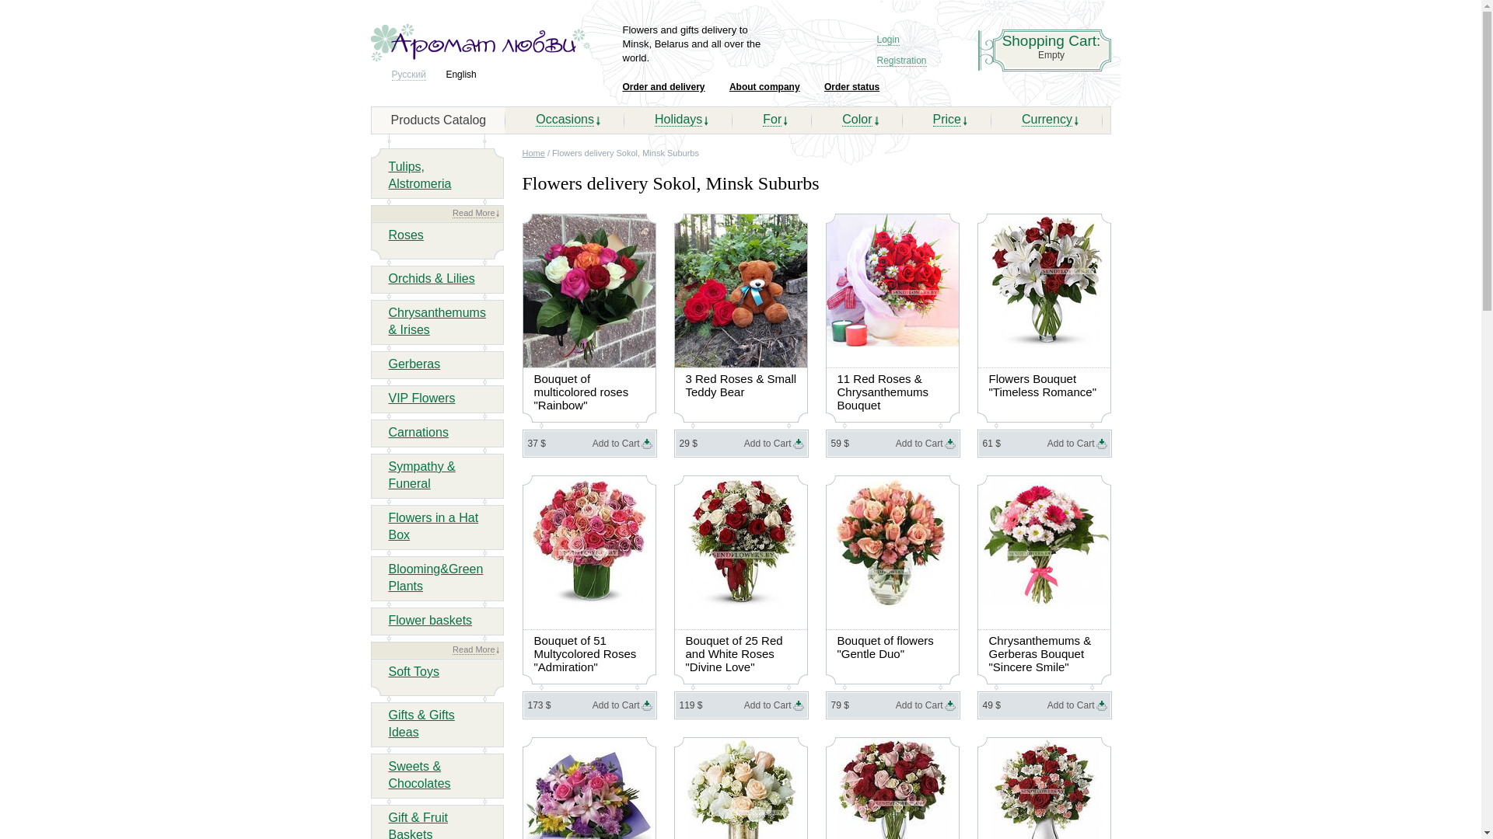 The image size is (1493, 839). What do you see at coordinates (823, 86) in the screenshot?
I see `'Order status'` at bounding box center [823, 86].